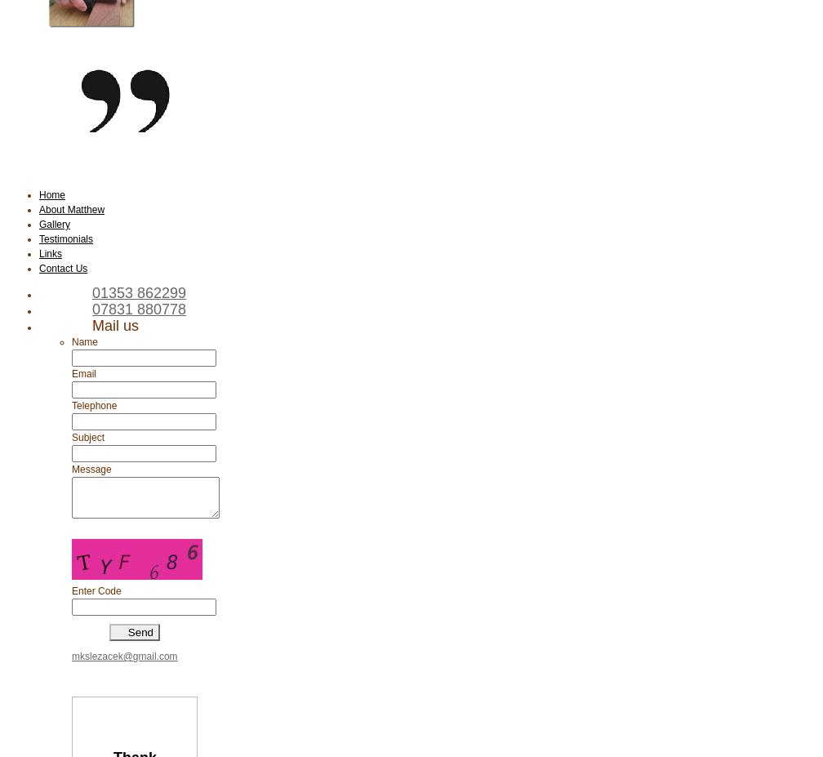 The image size is (823, 757). Describe the element at coordinates (139, 292) in the screenshot. I see `'01353 862299'` at that location.